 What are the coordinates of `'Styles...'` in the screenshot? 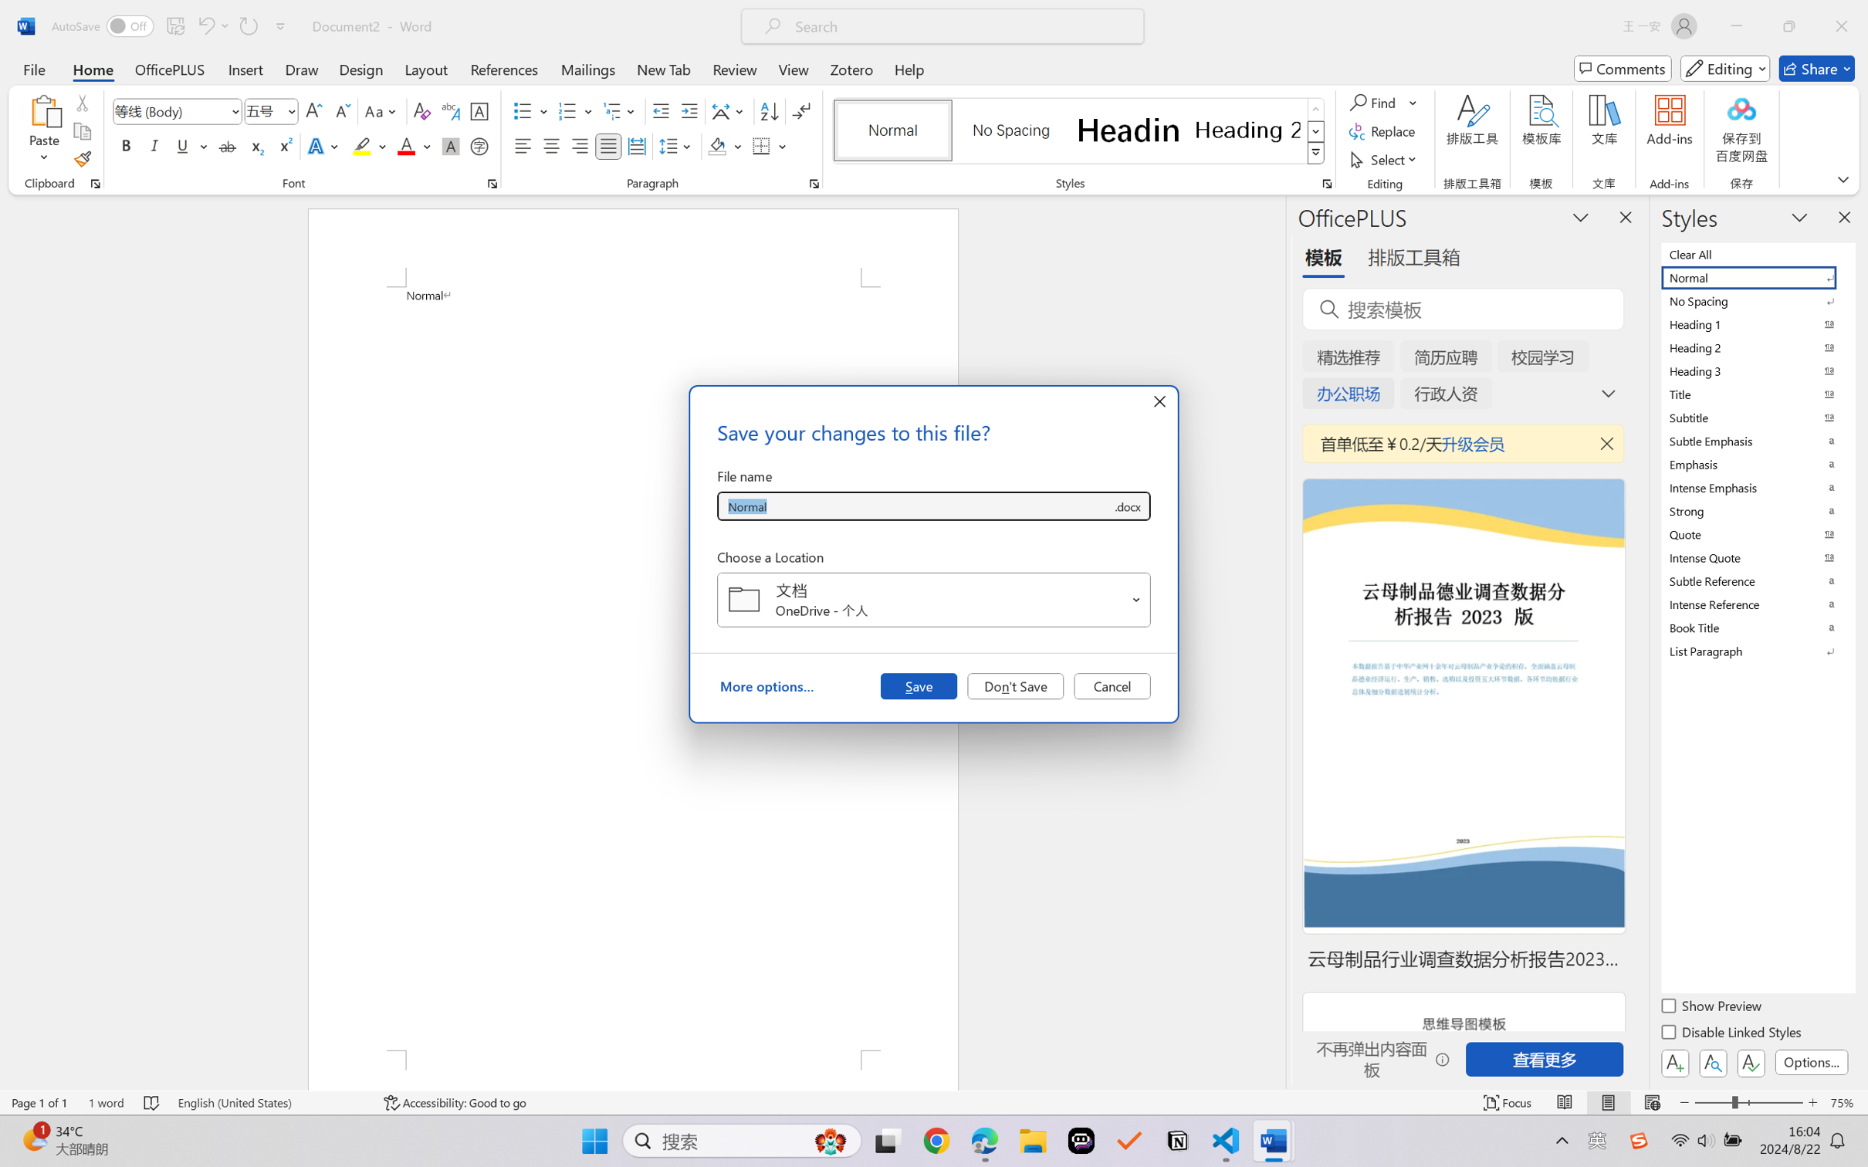 It's located at (1326, 183).